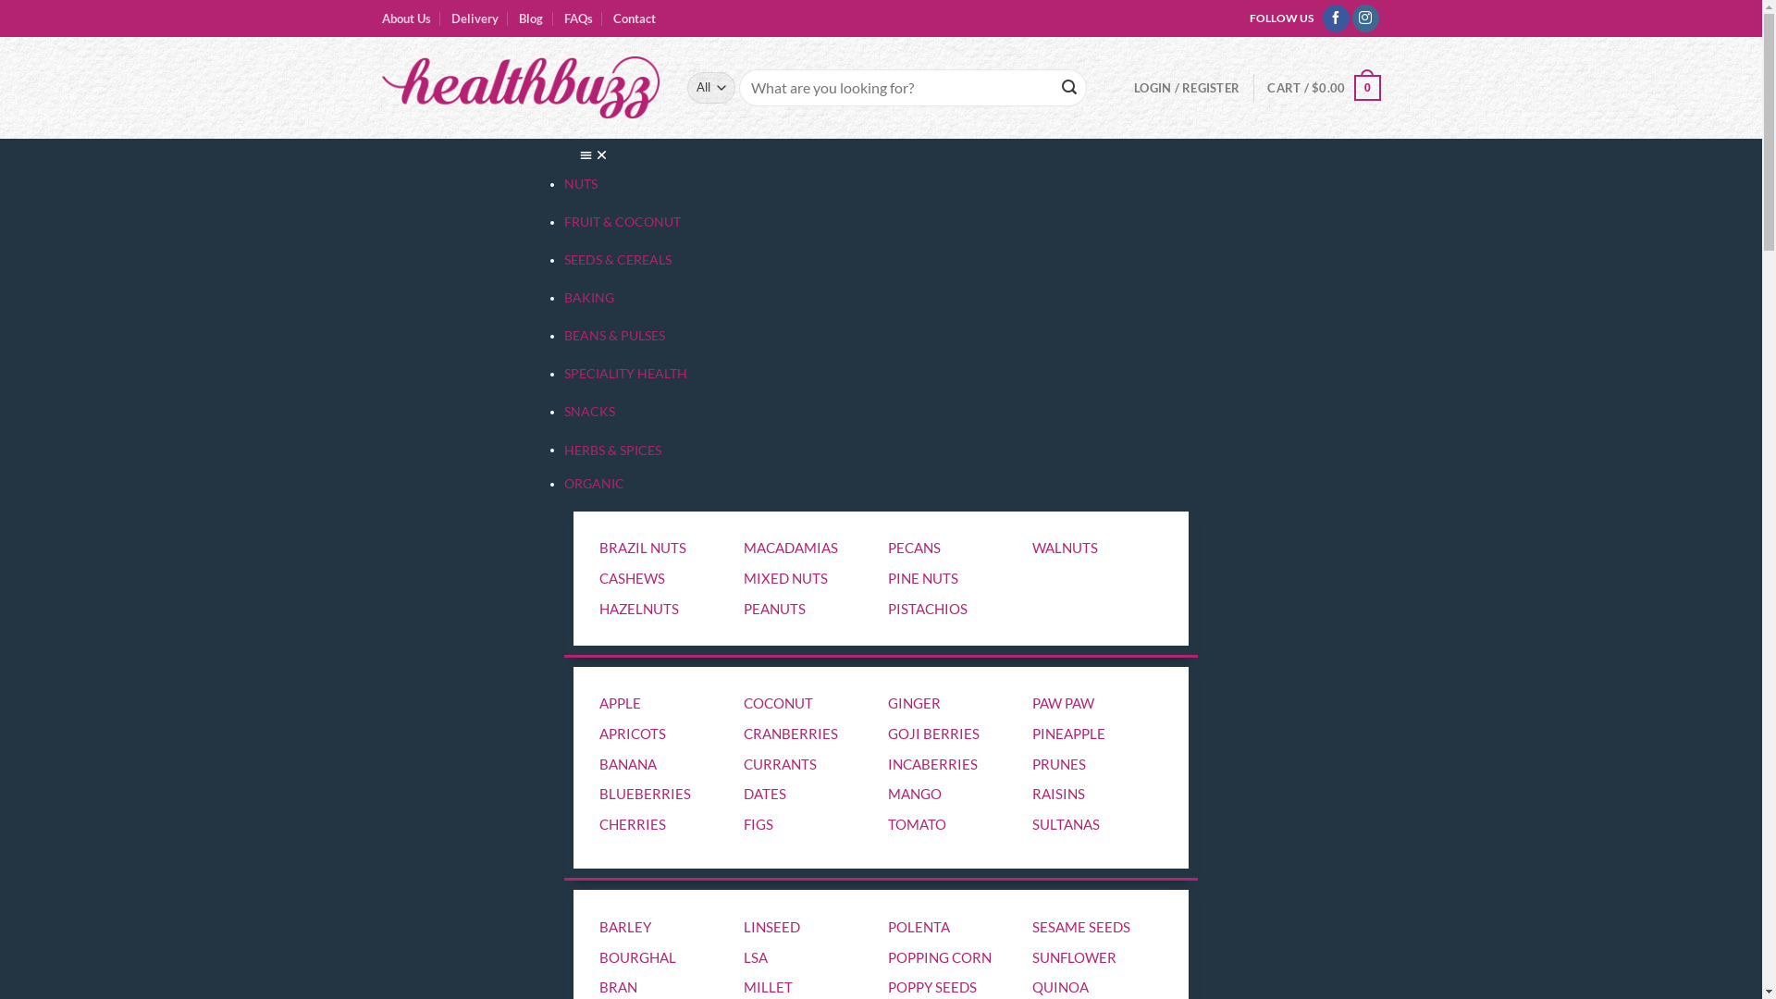  I want to click on 'DATES', so click(764, 792).